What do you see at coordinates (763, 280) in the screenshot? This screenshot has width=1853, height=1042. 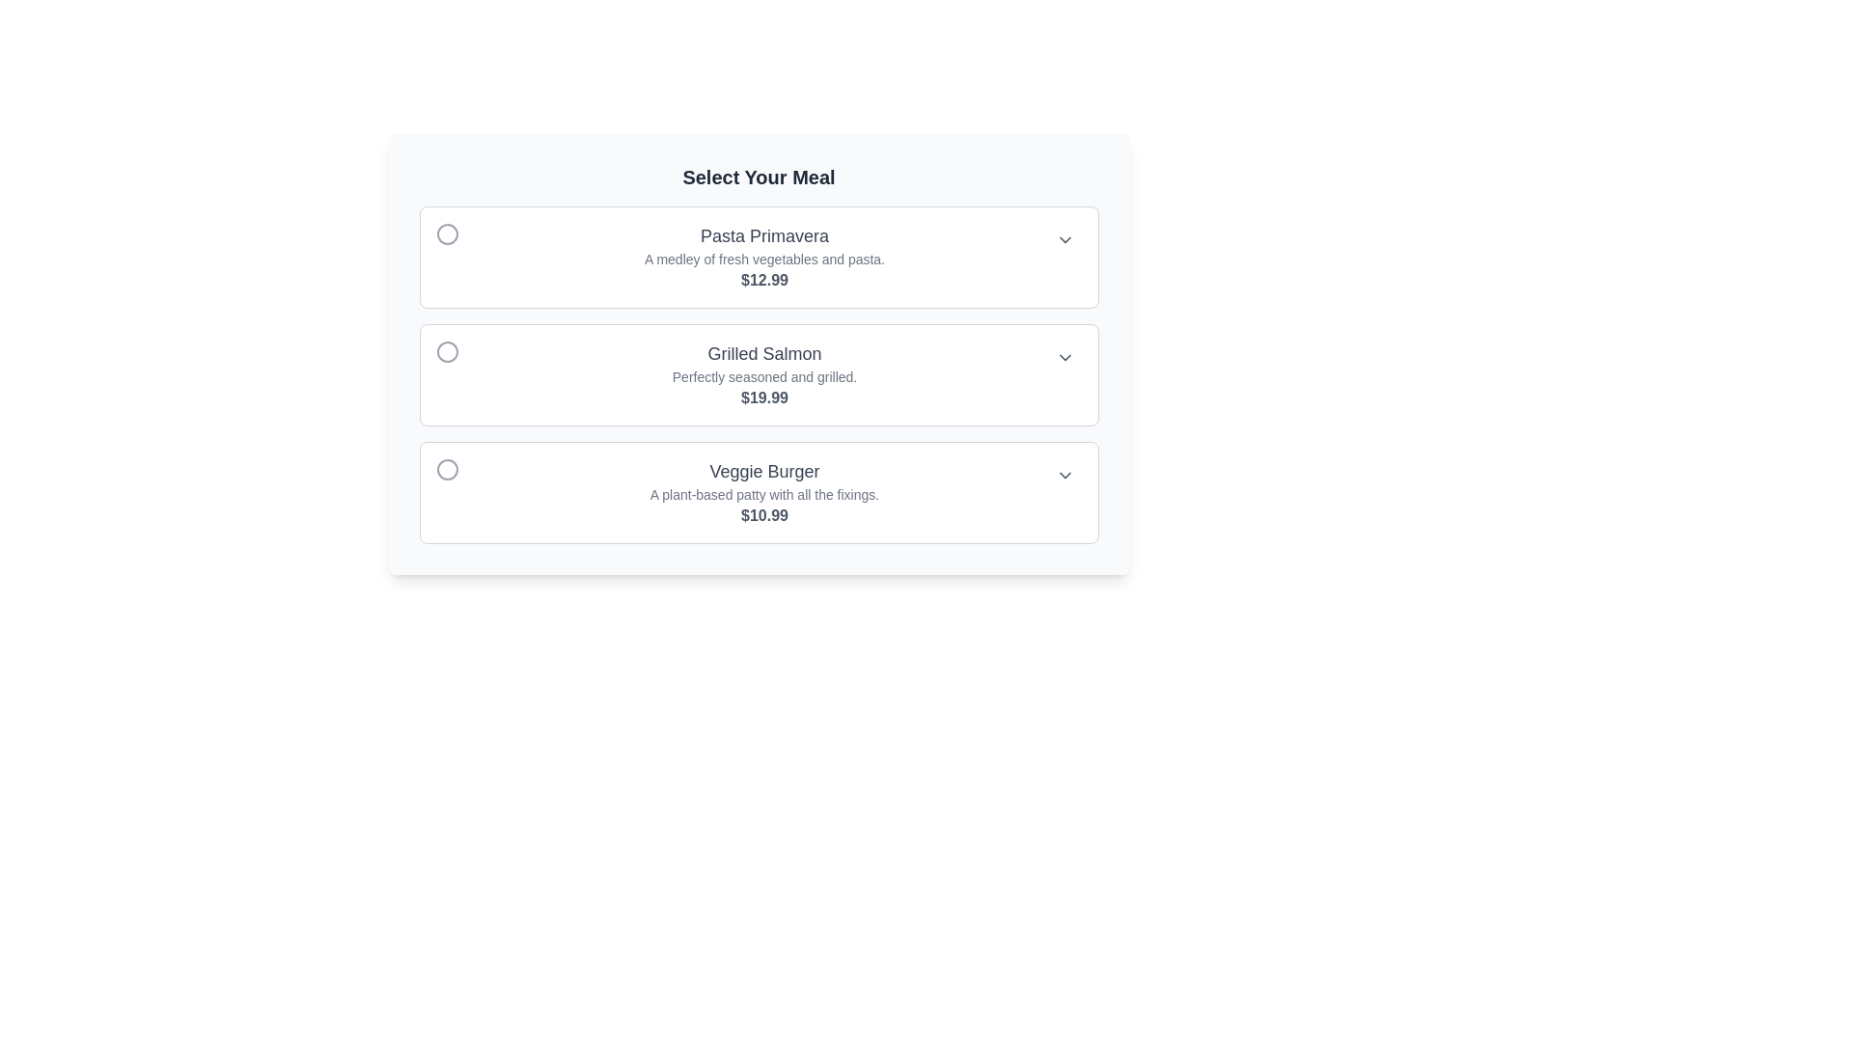 I see `the price display text label for the menu item 'Pasta Primavera', which is located at the bottom-center of the content box` at bounding box center [763, 280].